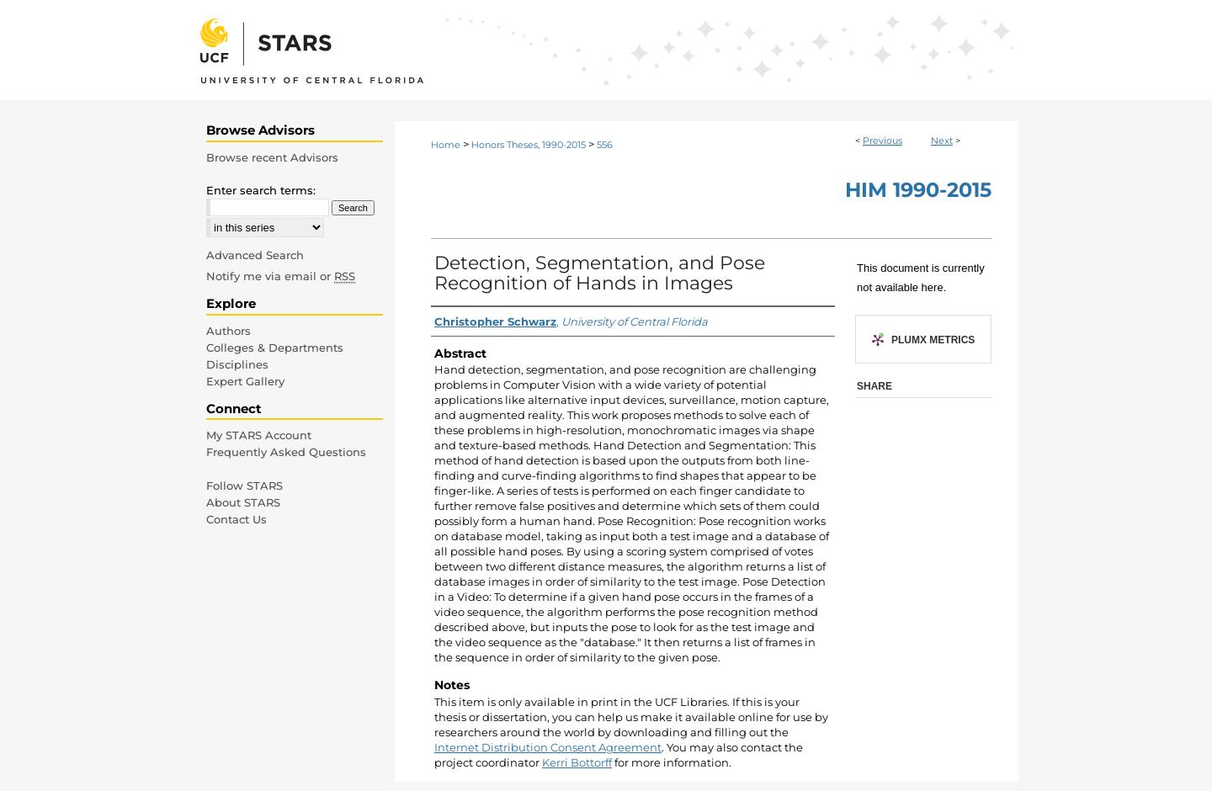 The width and height of the screenshot is (1212, 791). Describe the element at coordinates (333, 275) in the screenshot. I see `'RSS'` at that location.